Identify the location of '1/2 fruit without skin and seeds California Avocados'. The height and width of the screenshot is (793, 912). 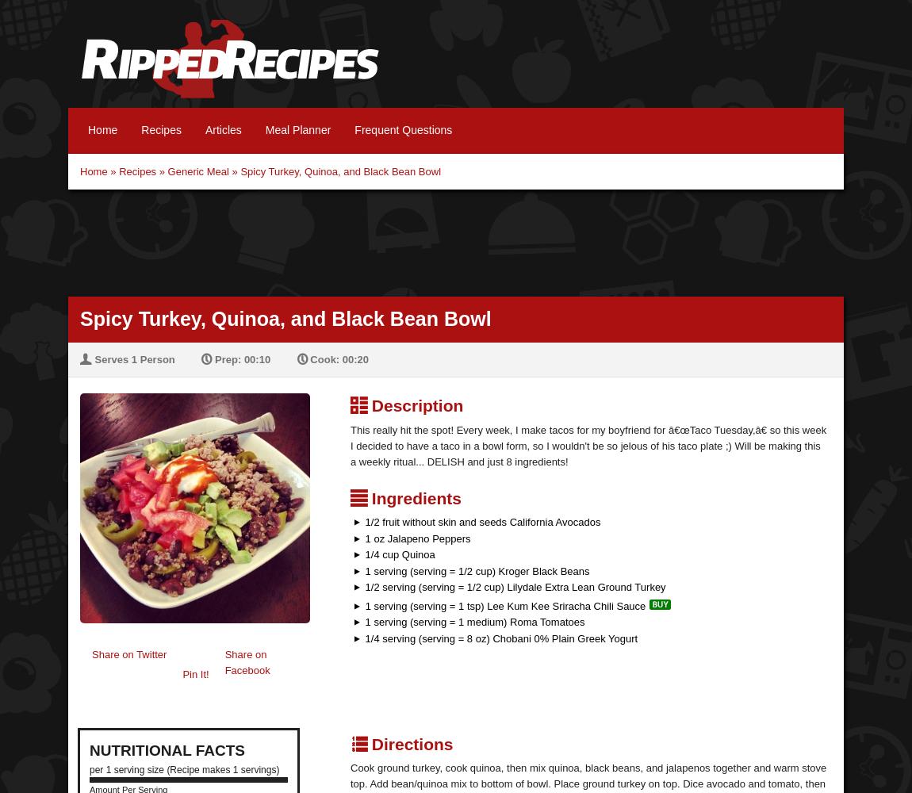
(480, 522).